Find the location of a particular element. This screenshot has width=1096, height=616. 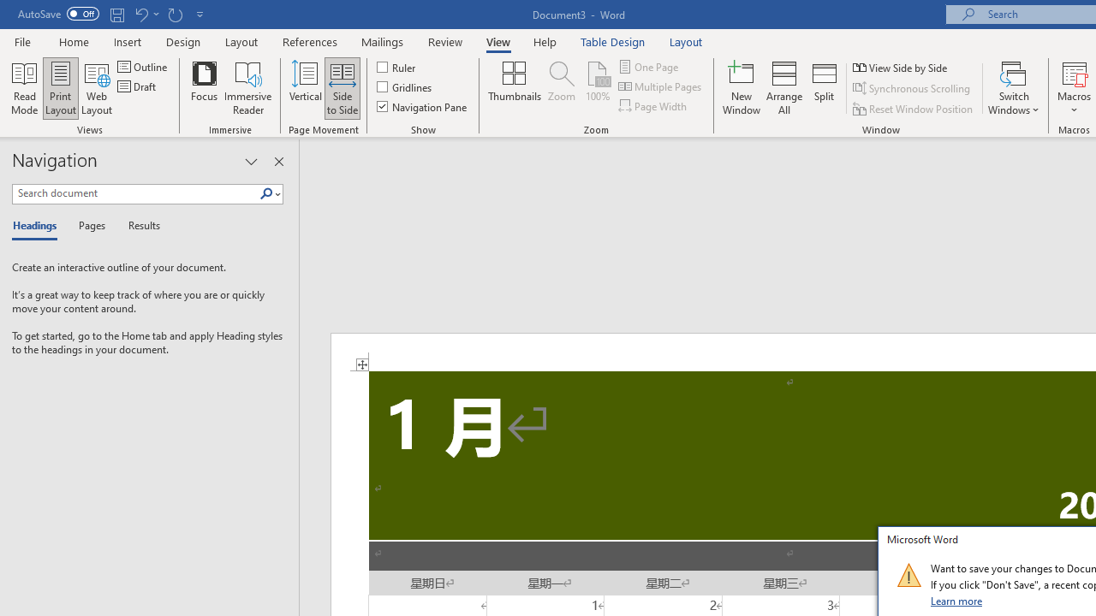

'Zoom...' is located at coordinates (562, 88).